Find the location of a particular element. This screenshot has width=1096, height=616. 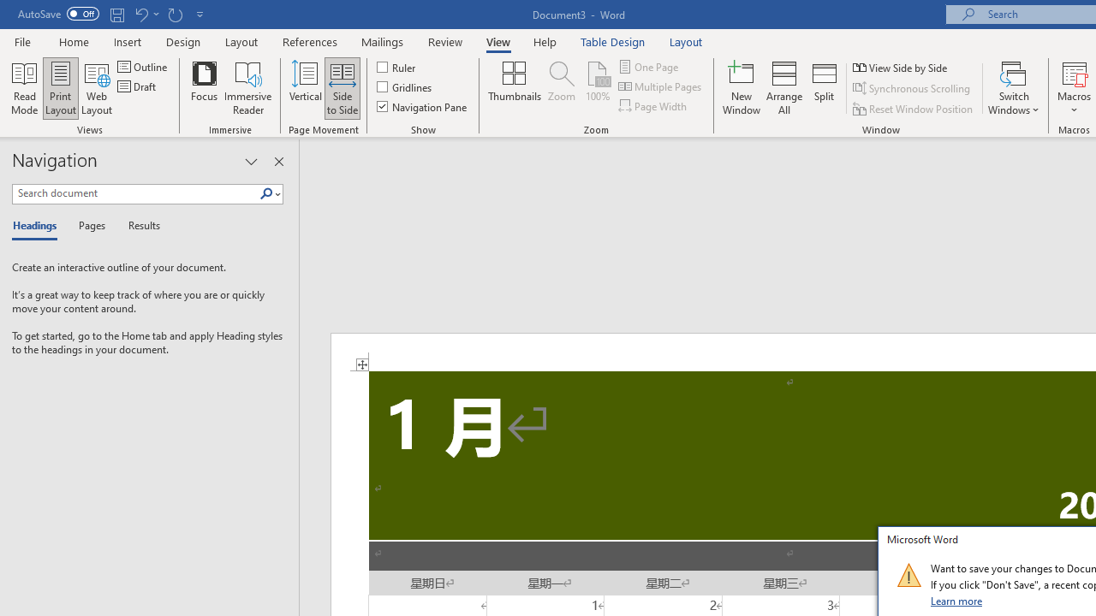

'Zoom...' is located at coordinates (562, 88).